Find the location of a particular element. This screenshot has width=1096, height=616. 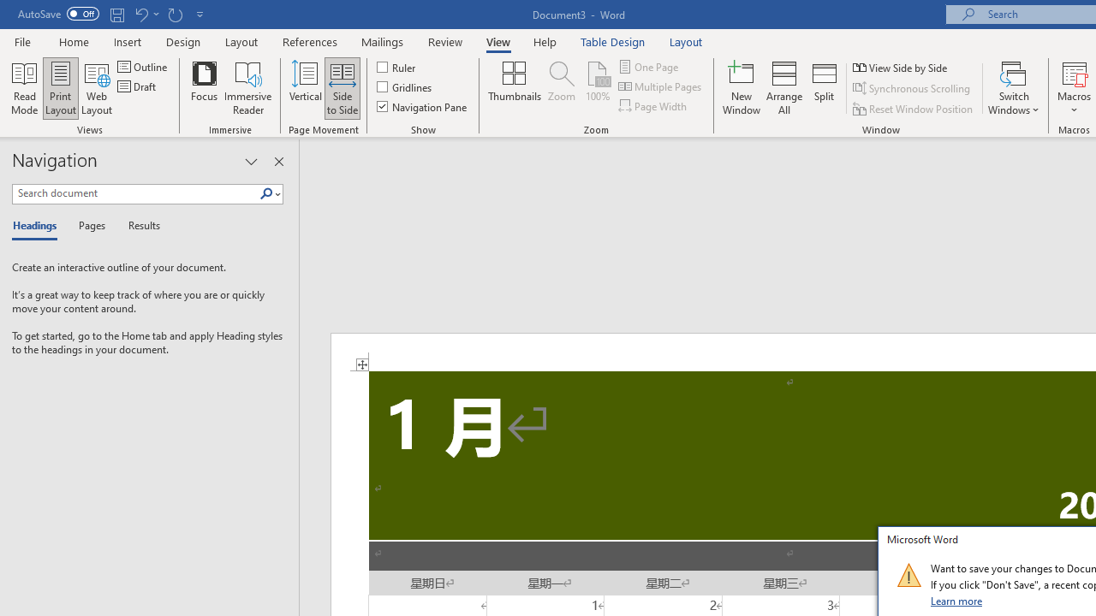

'Zoom...' is located at coordinates (562, 88).